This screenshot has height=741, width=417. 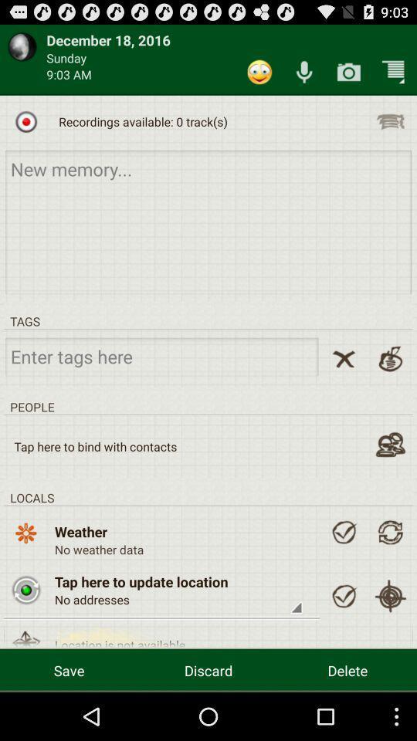 What do you see at coordinates (344, 383) in the screenshot?
I see `the close icon` at bounding box center [344, 383].